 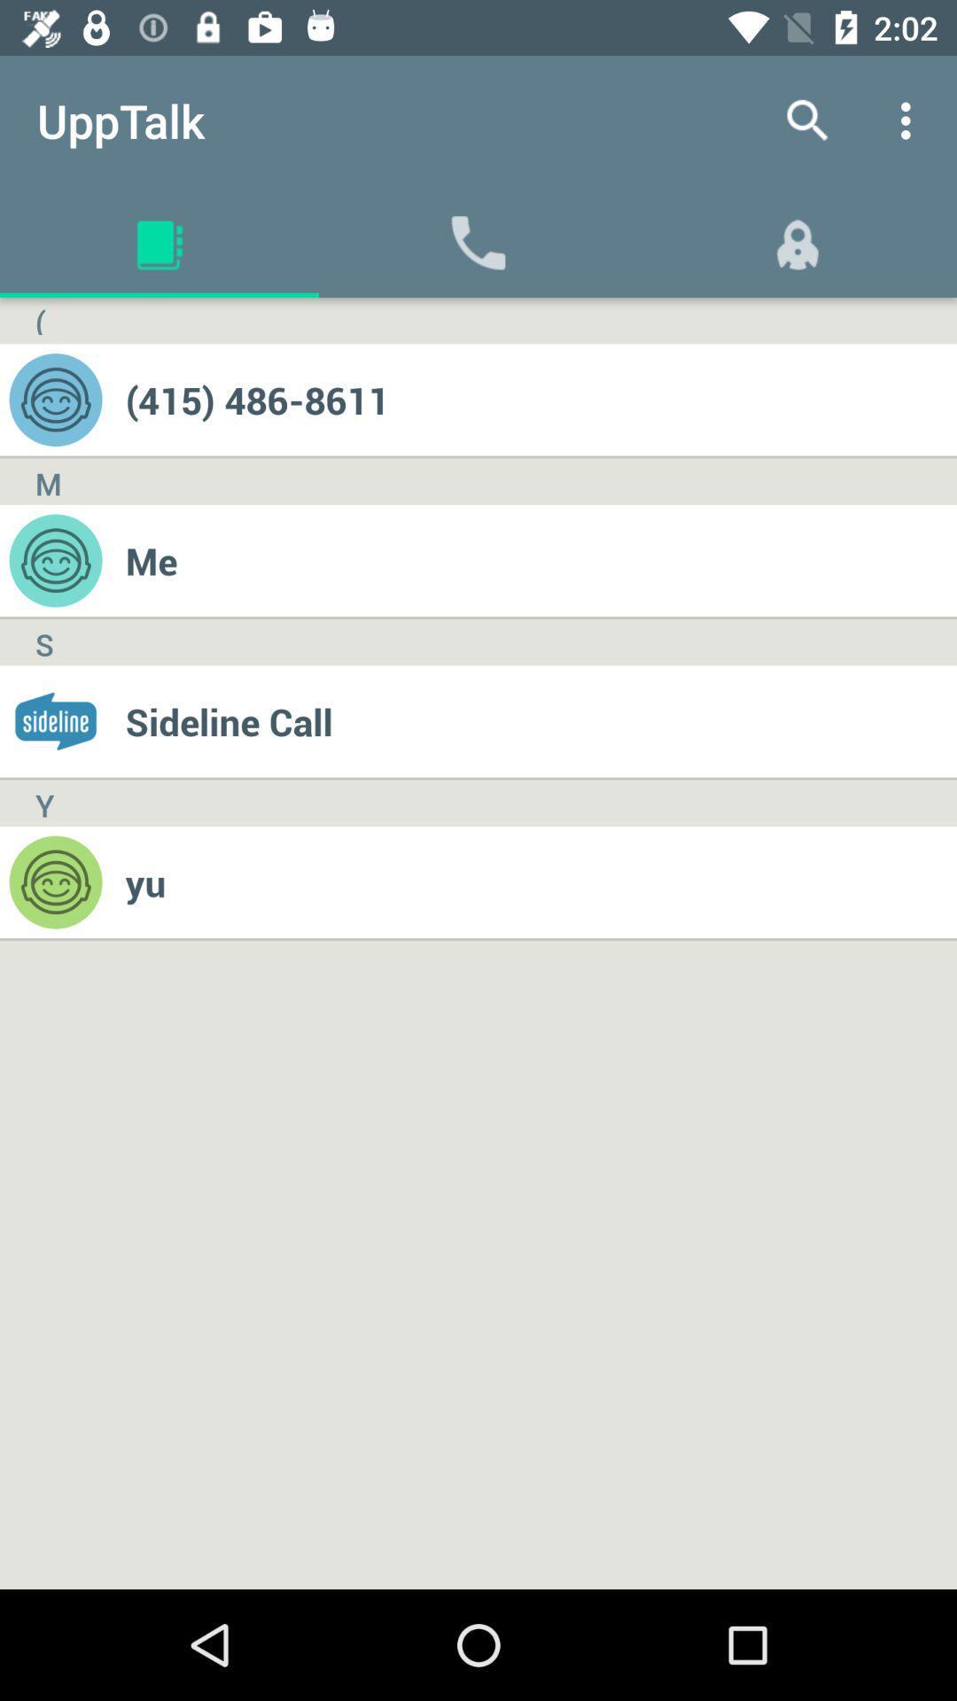 I want to click on (, so click(x=40, y=321).